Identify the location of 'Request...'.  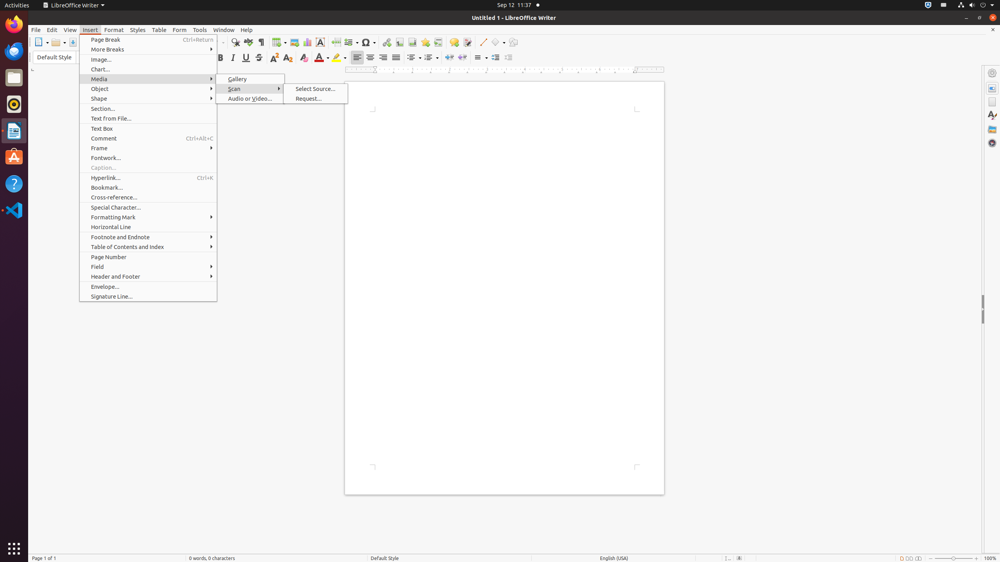
(315, 98).